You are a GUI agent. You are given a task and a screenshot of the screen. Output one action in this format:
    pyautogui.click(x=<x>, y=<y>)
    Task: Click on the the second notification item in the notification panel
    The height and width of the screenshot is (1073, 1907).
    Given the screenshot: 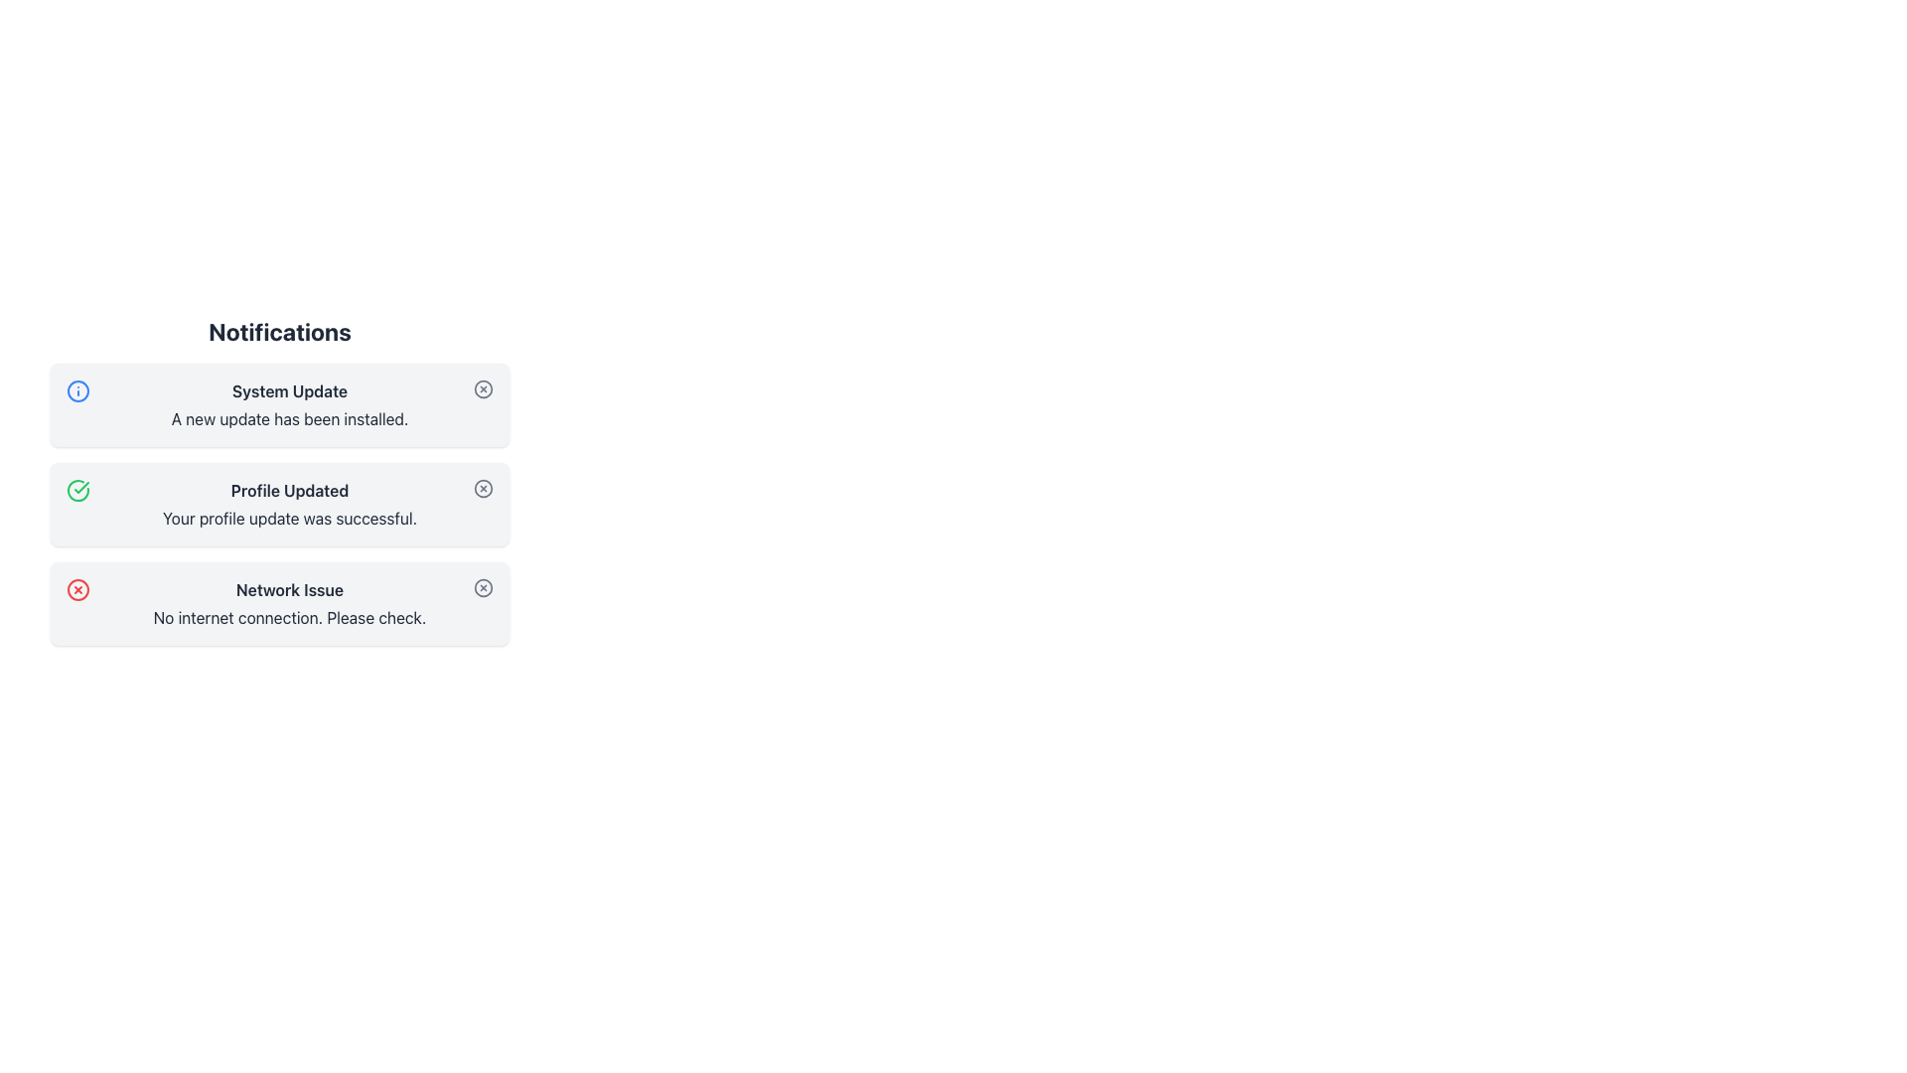 What is the action you would take?
    pyautogui.click(x=279, y=480)
    